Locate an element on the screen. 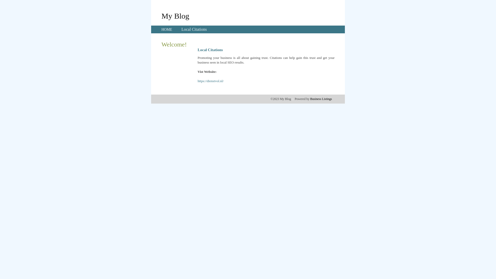  'HOME' is located at coordinates (167, 29).